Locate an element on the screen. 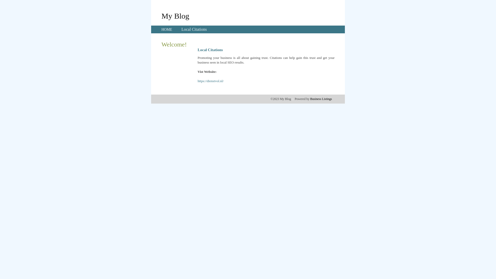  'HOME' is located at coordinates (167, 29).